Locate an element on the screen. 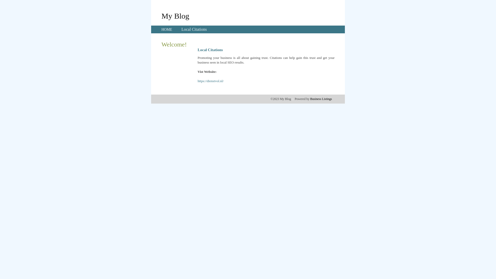  'HOME' is located at coordinates (167, 29).